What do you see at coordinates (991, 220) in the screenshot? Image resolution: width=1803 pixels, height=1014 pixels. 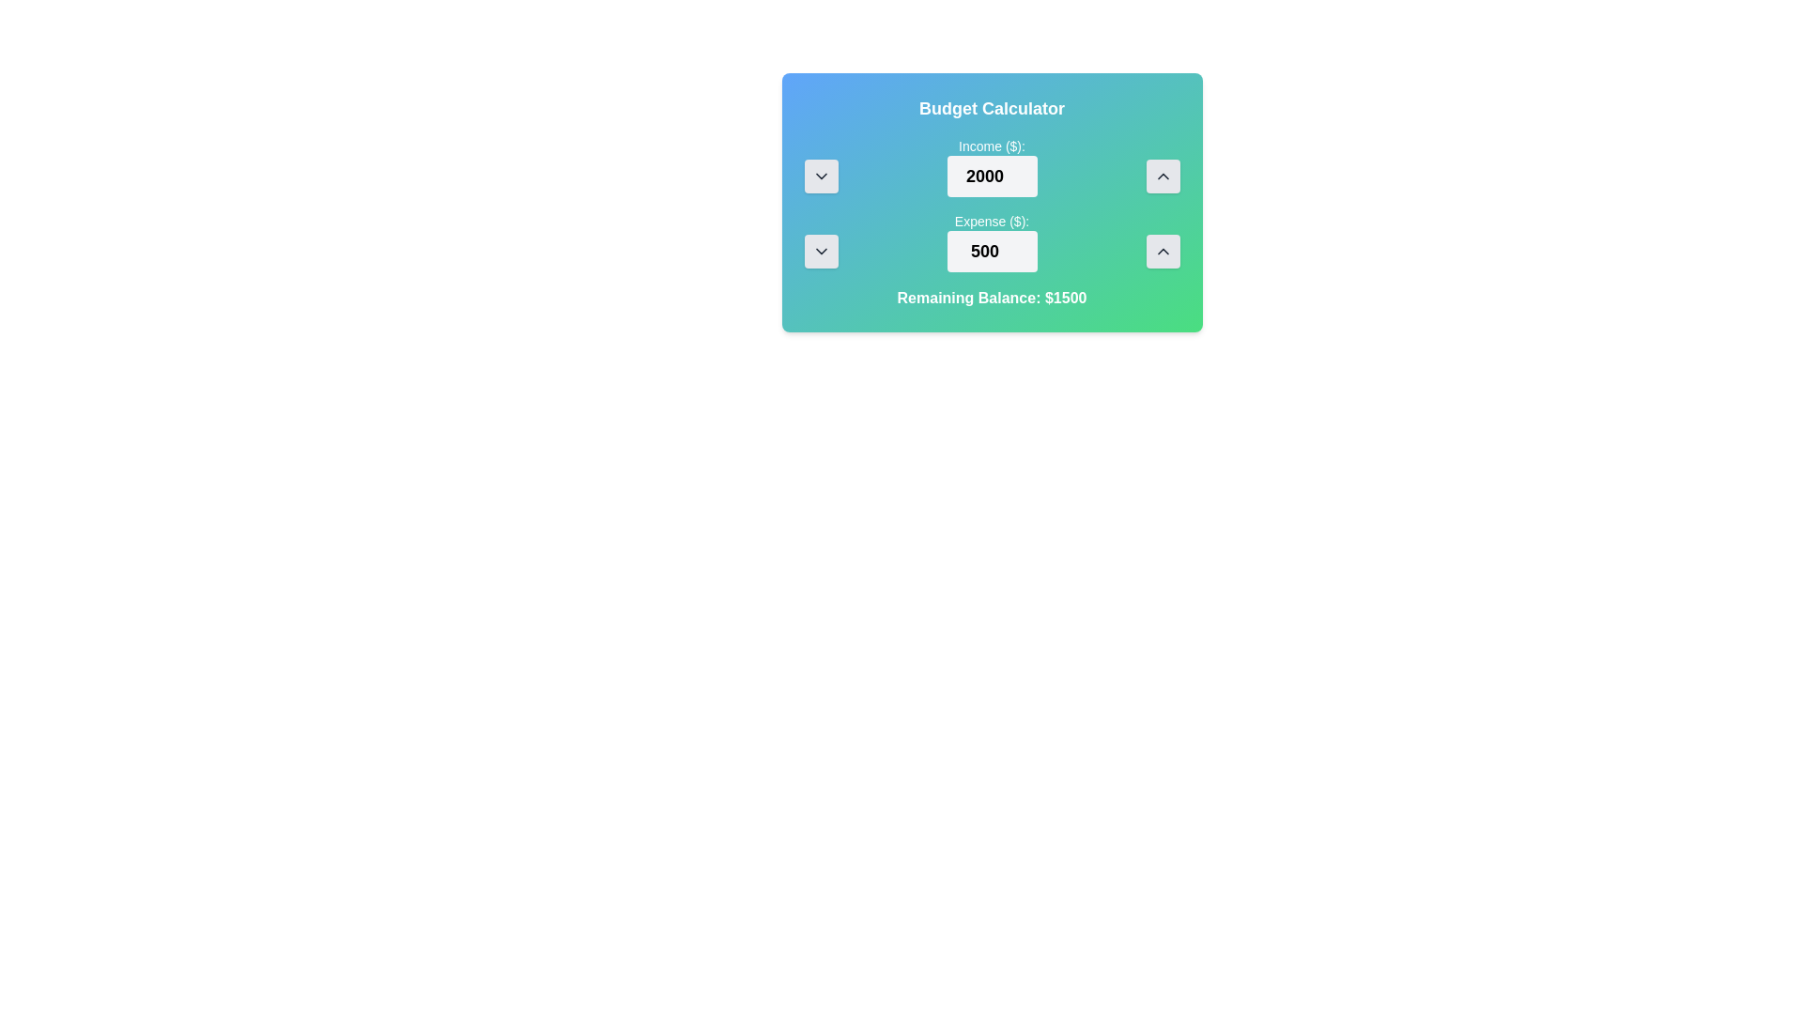 I see `the text label that describes the numeric input field for expenses in dollars` at bounding box center [991, 220].